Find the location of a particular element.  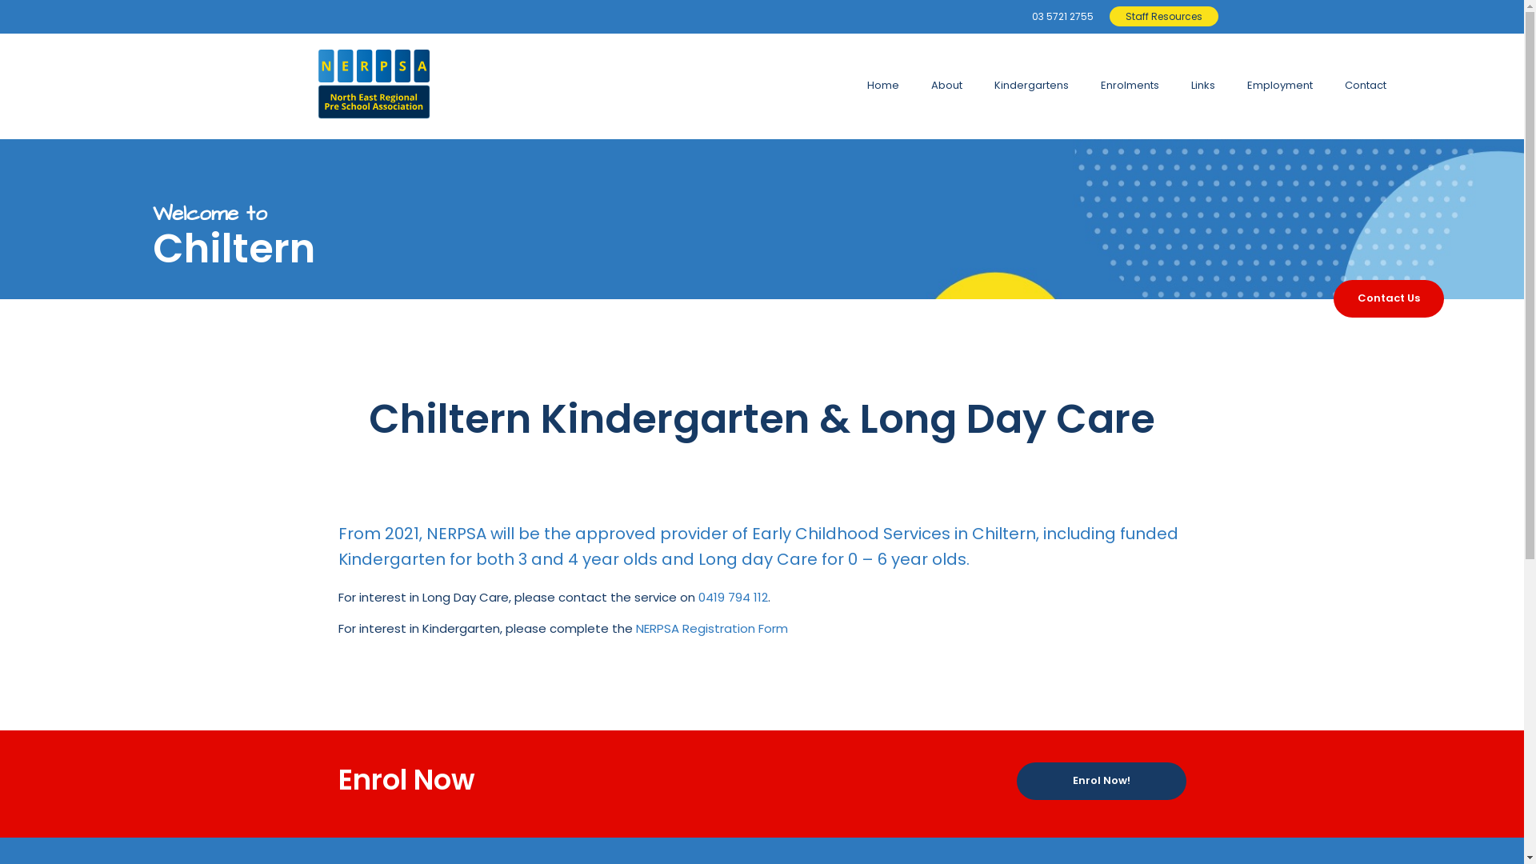

'0419 794 112' is located at coordinates (731, 597).